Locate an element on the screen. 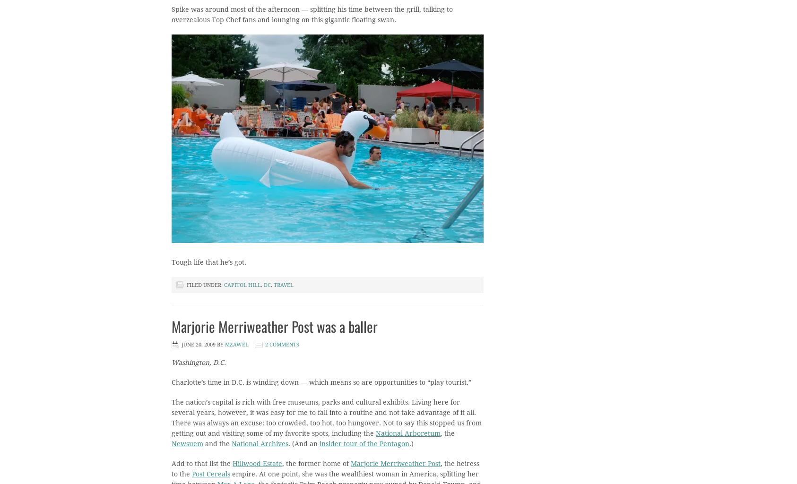 This screenshot has height=484, width=797. 'Hillwood Estate' is located at coordinates (257, 463).